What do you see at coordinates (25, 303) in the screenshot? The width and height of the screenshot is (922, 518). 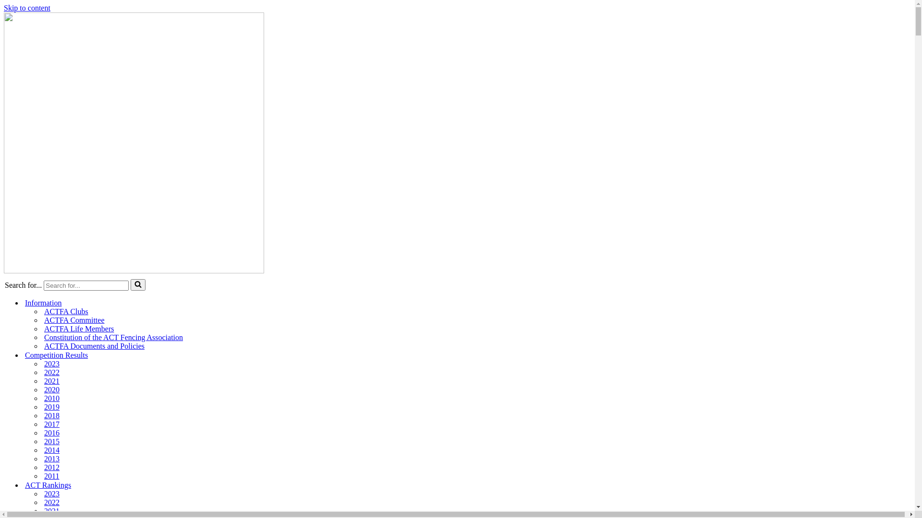 I see `'Information'` at bounding box center [25, 303].